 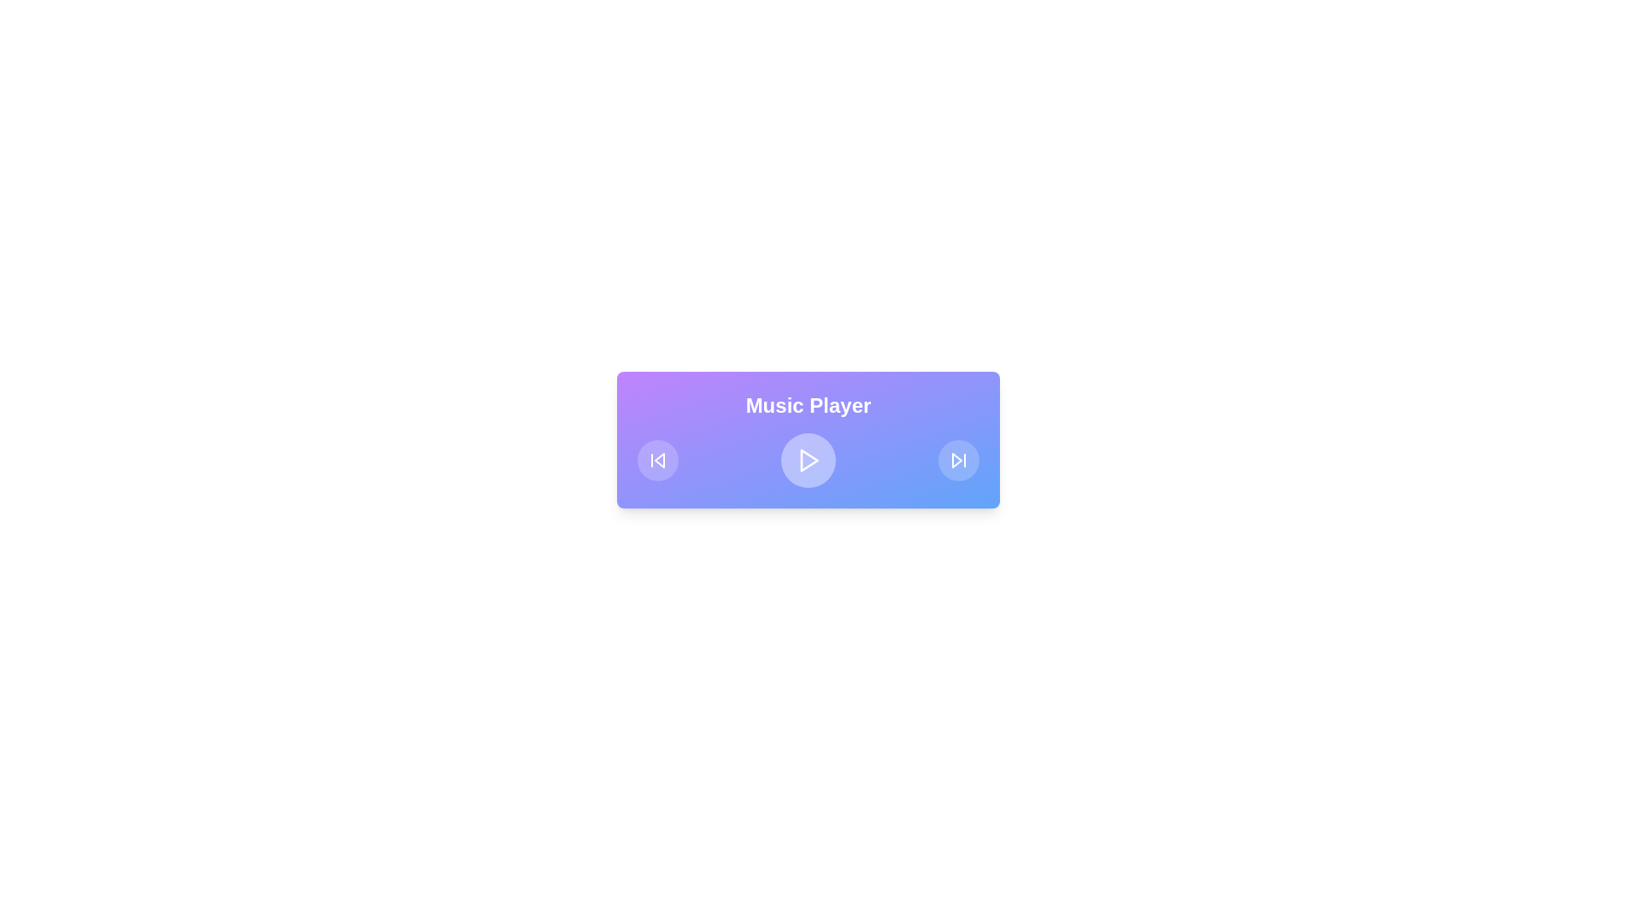 What do you see at coordinates (659, 460) in the screenshot?
I see `the leftmost circular 'skip back' button in the music player interface, which contains a vector graphic for skipping to the previous track` at bounding box center [659, 460].